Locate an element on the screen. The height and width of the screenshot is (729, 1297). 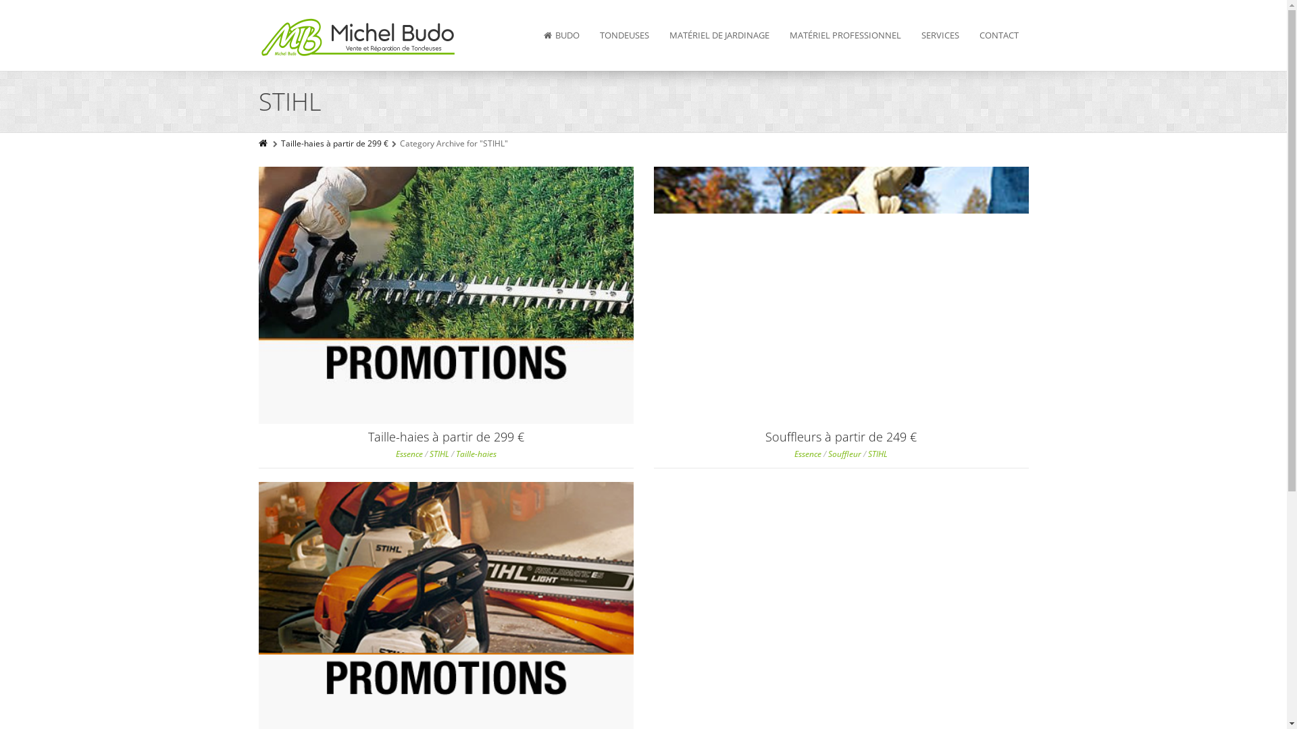
'Home' is located at coordinates (263, 143).